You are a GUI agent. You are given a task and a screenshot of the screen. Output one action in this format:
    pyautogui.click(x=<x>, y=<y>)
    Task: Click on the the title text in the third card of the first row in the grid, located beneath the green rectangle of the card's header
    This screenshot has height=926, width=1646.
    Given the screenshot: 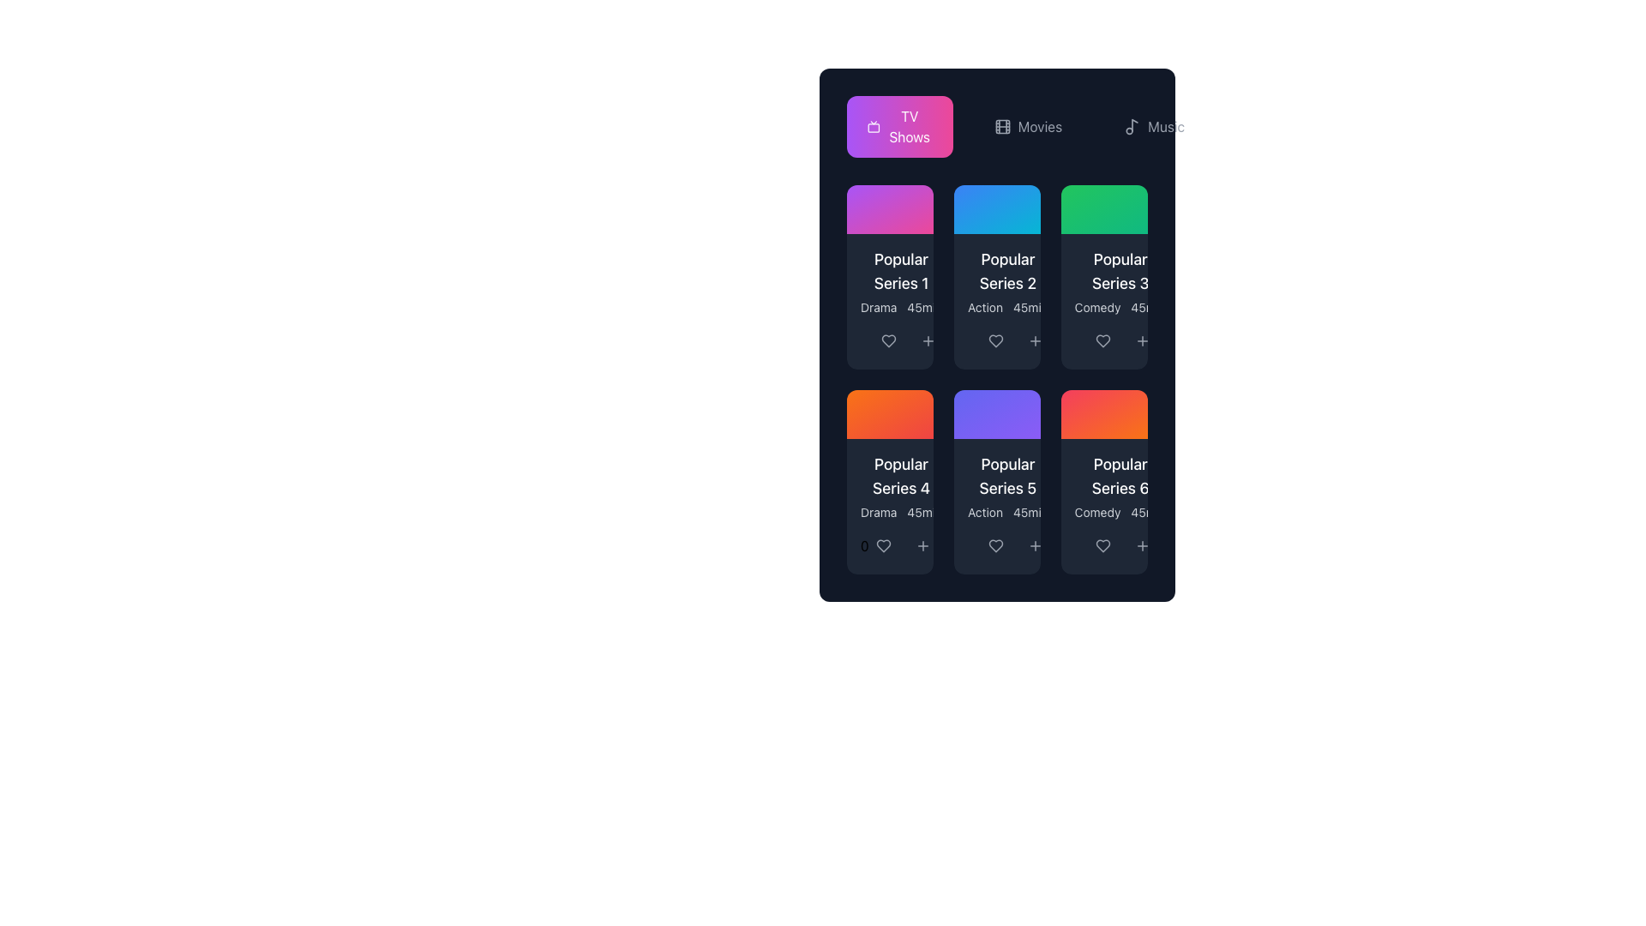 What is the action you would take?
    pyautogui.click(x=1120, y=270)
    